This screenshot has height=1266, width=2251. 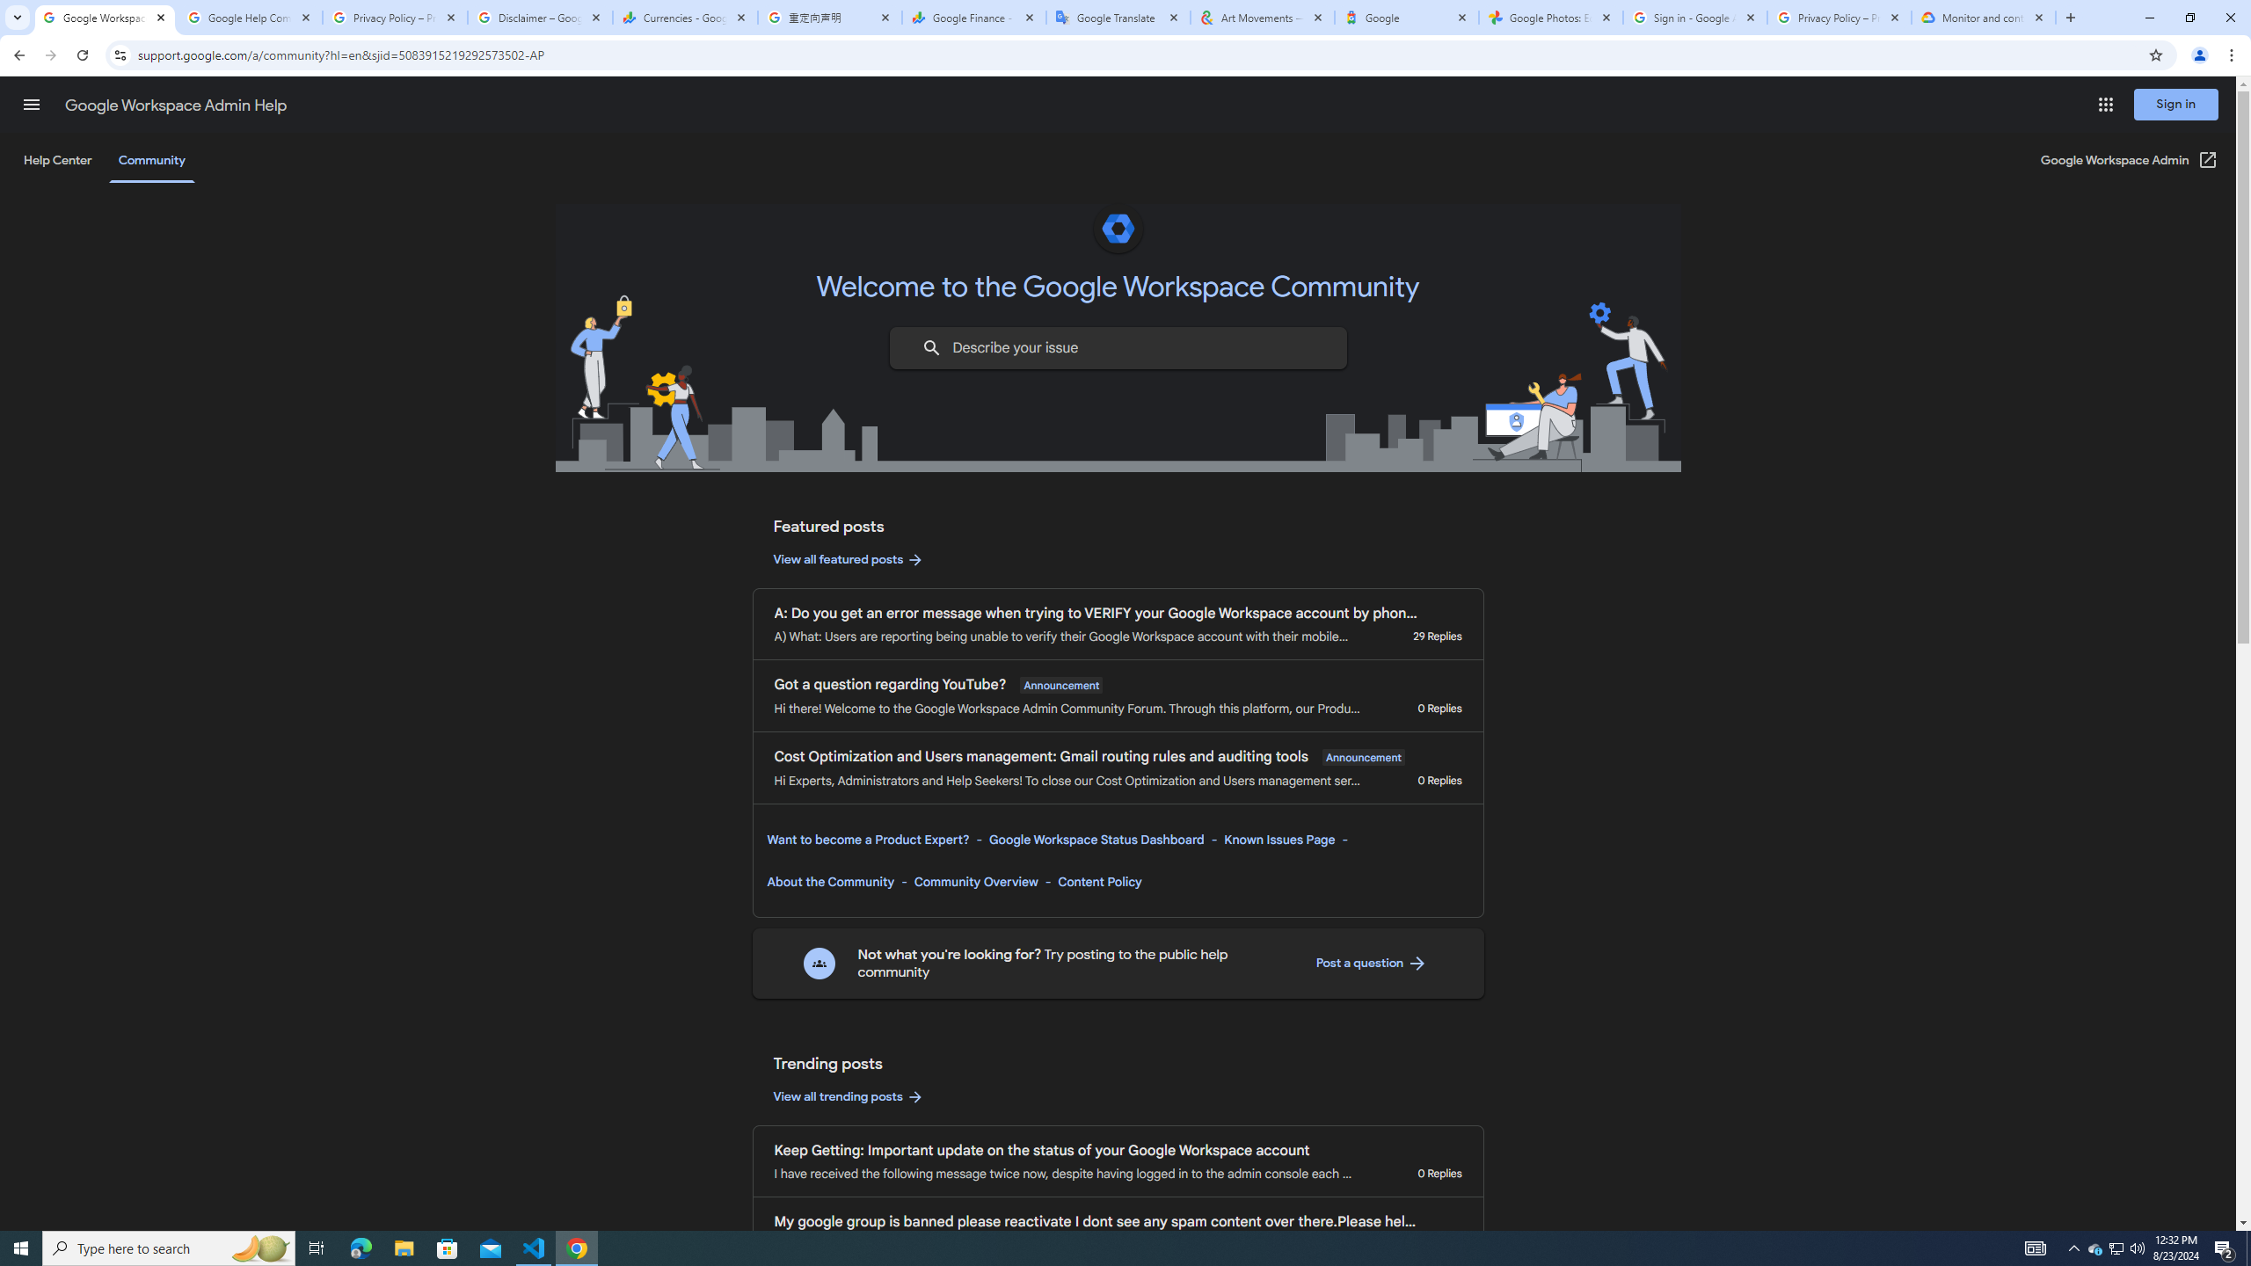 What do you see at coordinates (2129, 159) in the screenshot?
I see `'Google Workspace Admin (Open in a new window)'` at bounding box center [2129, 159].